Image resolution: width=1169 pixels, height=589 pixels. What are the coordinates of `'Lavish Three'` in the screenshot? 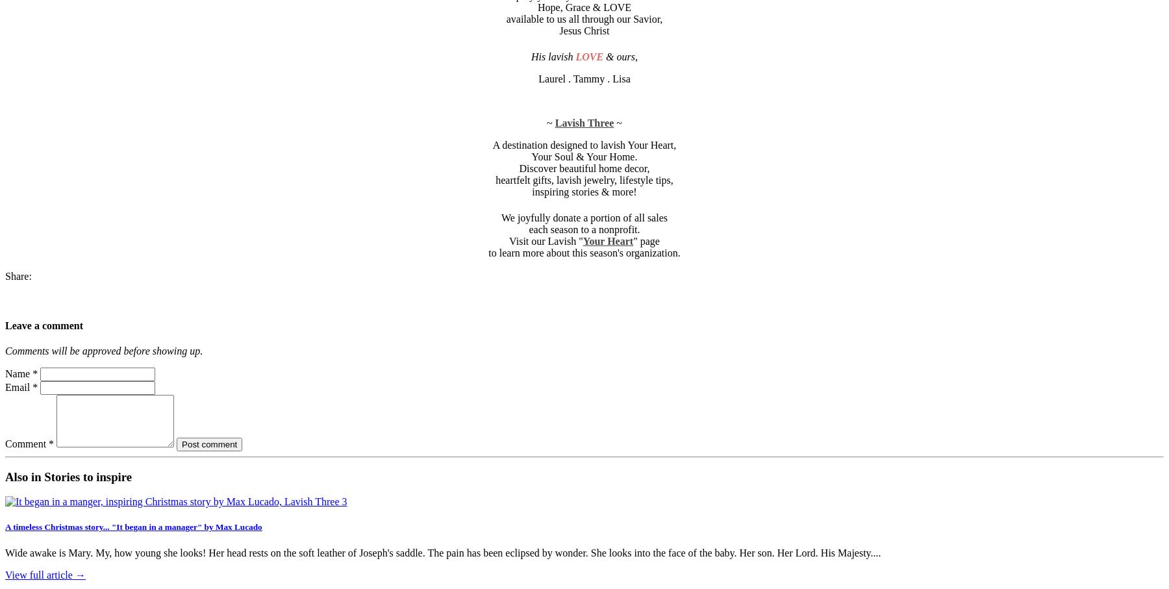 It's located at (554, 122).